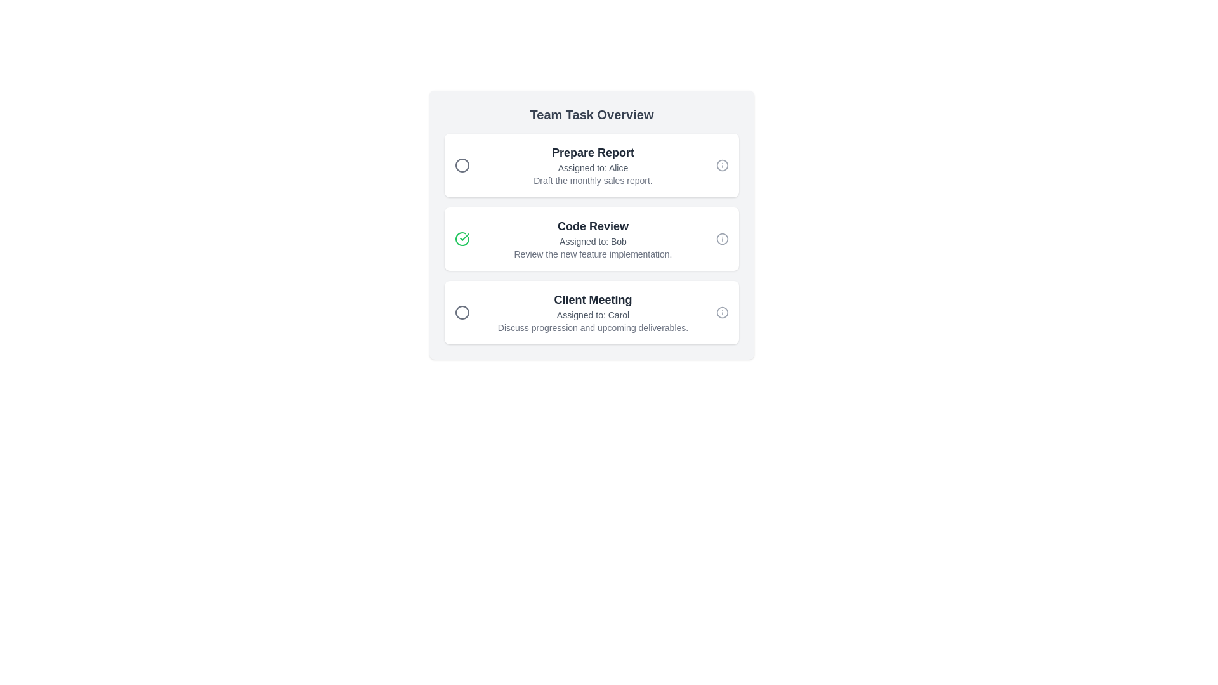 The width and height of the screenshot is (1218, 685). What do you see at coordinates (593, 152) in the screenshot?
I see `the 'Prepare Report' text label, which is displayed in a bold font and is dark gray in color, located at the top line of the first task entry in the task list` at bounding box center [593, 152].